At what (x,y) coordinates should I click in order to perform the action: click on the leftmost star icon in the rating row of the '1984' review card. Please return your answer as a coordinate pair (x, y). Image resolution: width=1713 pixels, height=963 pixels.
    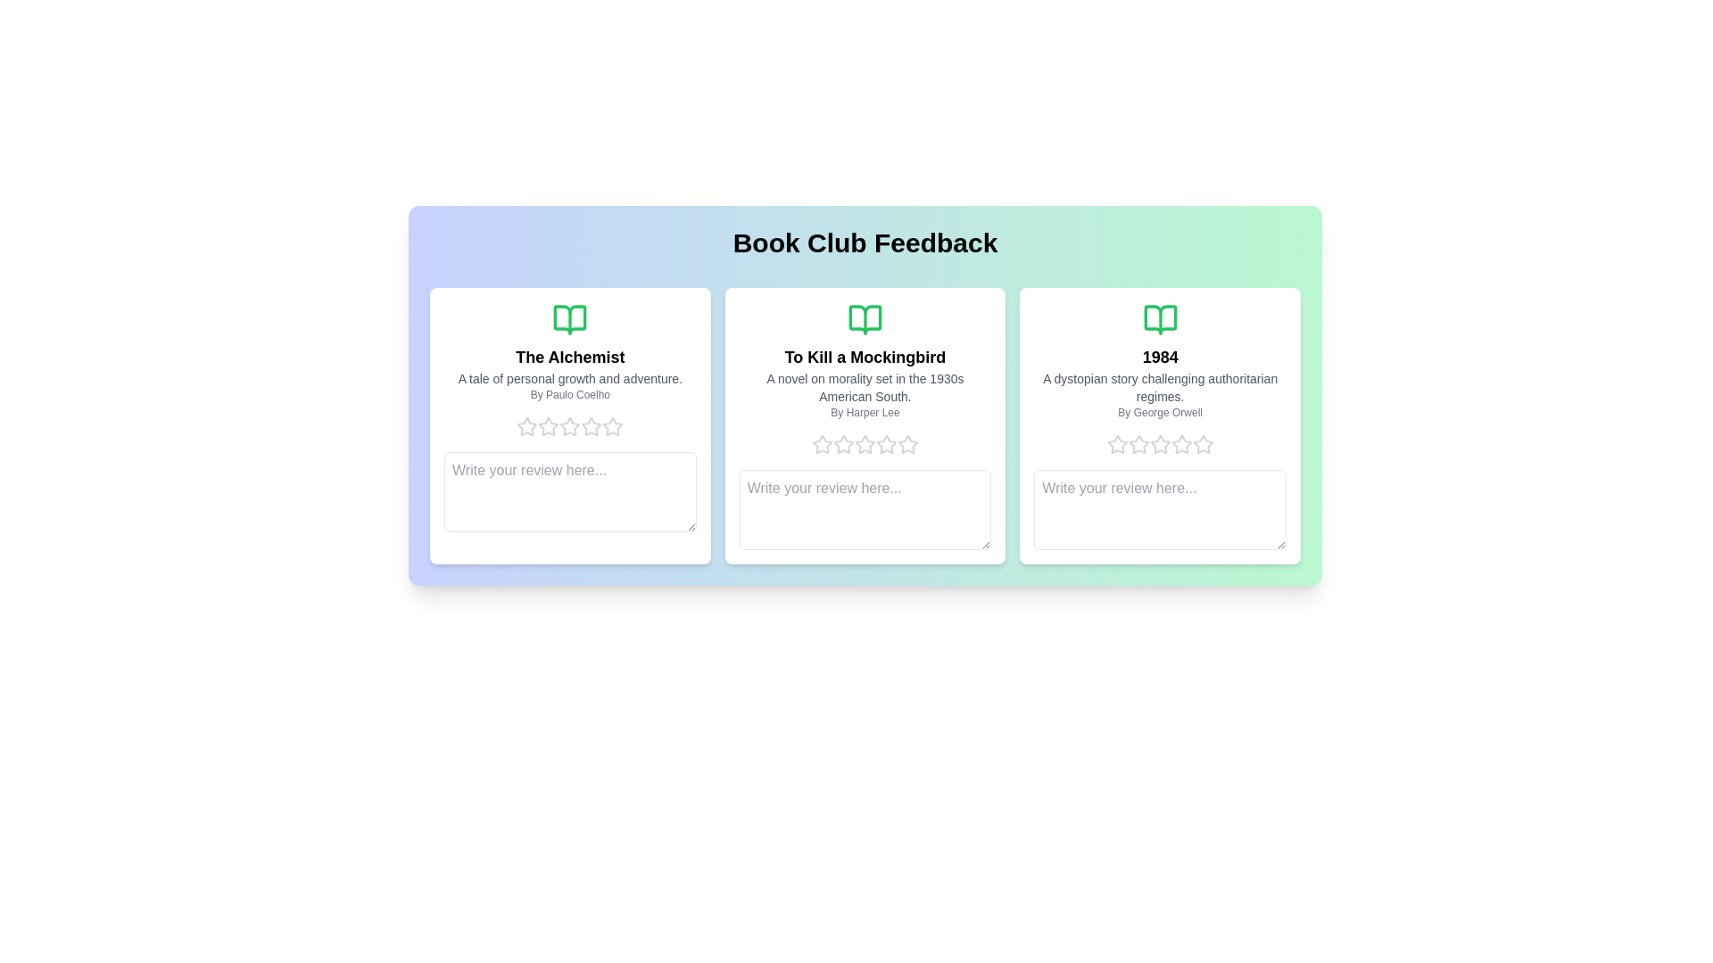
    Looking at the image, I should click on (1116, 443).